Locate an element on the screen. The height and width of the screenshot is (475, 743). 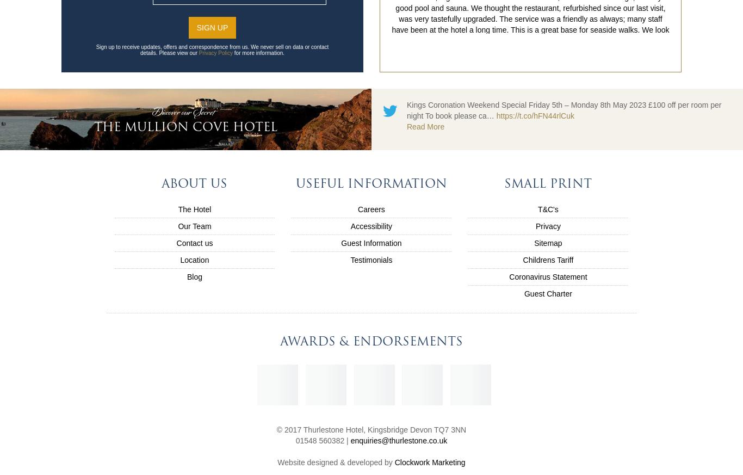
'Blog' is located at coordinates (194, 276).